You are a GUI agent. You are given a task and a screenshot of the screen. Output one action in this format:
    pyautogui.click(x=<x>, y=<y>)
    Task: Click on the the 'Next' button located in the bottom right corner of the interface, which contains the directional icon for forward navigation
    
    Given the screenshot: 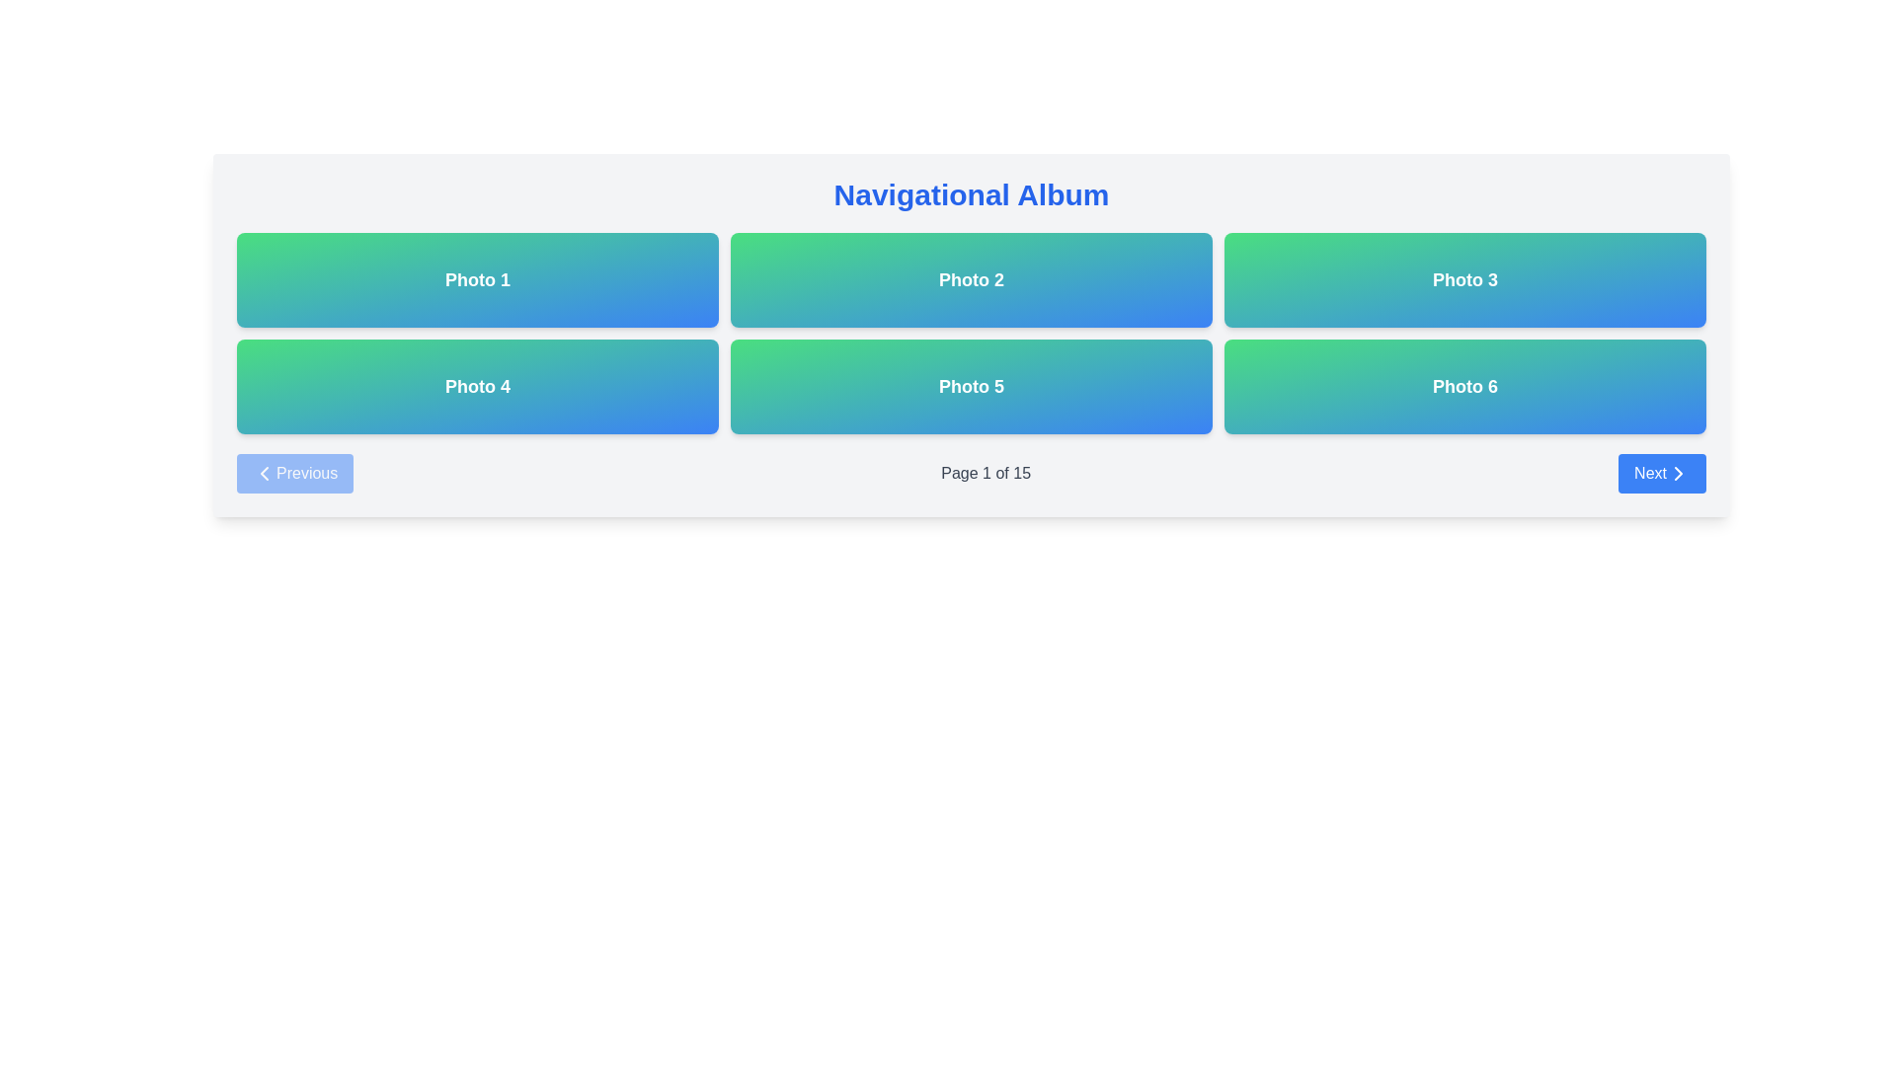 What is the action you would take?
    pyautogui.click(x=1677, y=473)
    